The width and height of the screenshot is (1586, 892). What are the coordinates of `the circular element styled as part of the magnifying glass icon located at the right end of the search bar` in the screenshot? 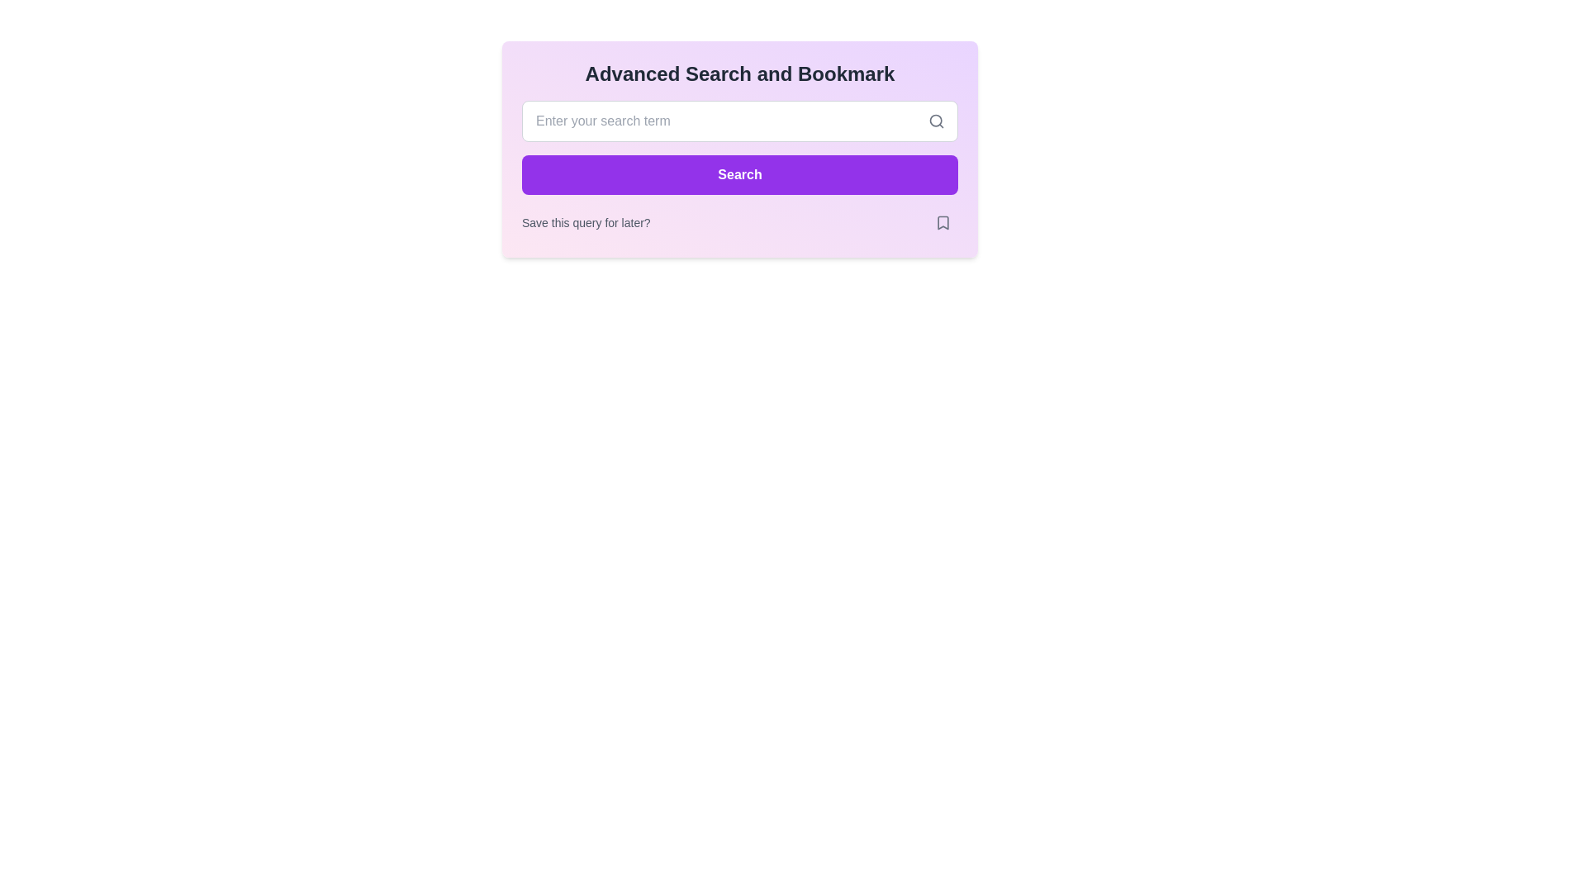 It's located at (936, 120).